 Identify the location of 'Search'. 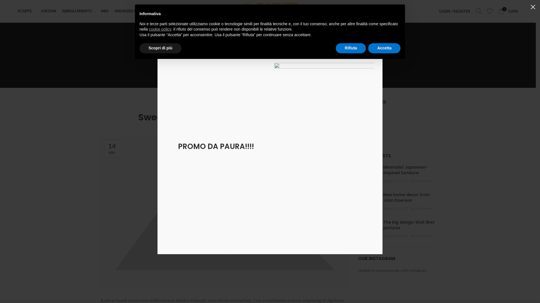
(478, 11).